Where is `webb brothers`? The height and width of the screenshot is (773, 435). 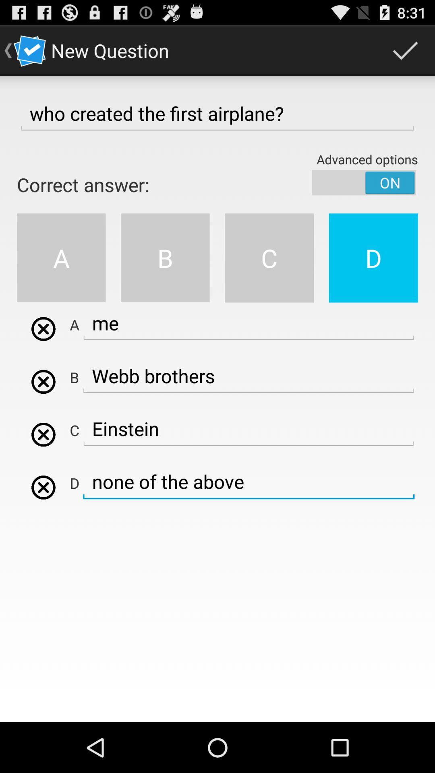 webb brothers is located at coordinates (43, 329).